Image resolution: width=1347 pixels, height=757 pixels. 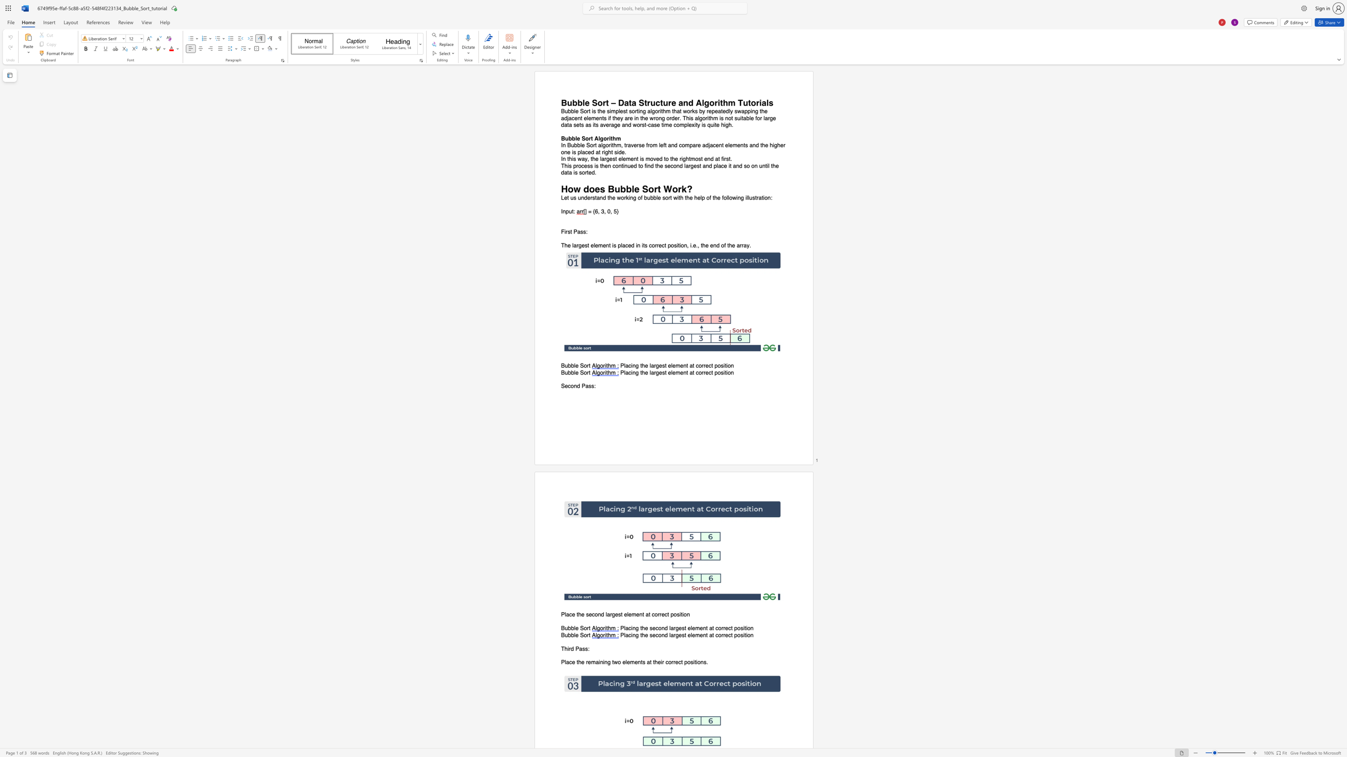 What do you see at coordinates (565, 648) in the screenshot?
I see `the 1th character "h" in the text` at bounding box center [565, 648].